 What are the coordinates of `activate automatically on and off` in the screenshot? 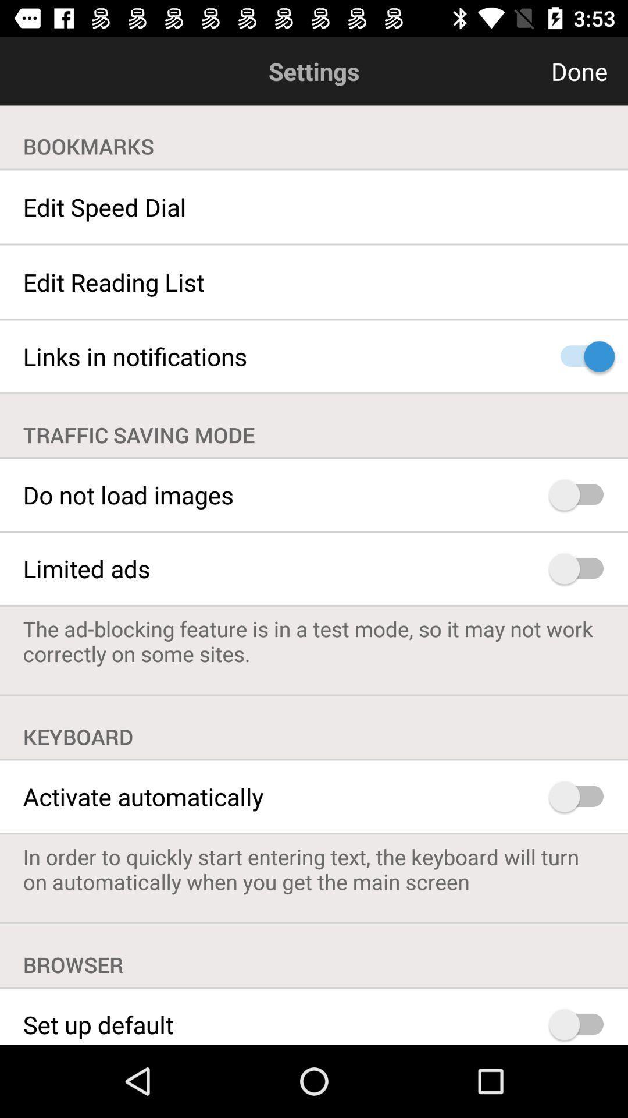 It's located at (581, 796).